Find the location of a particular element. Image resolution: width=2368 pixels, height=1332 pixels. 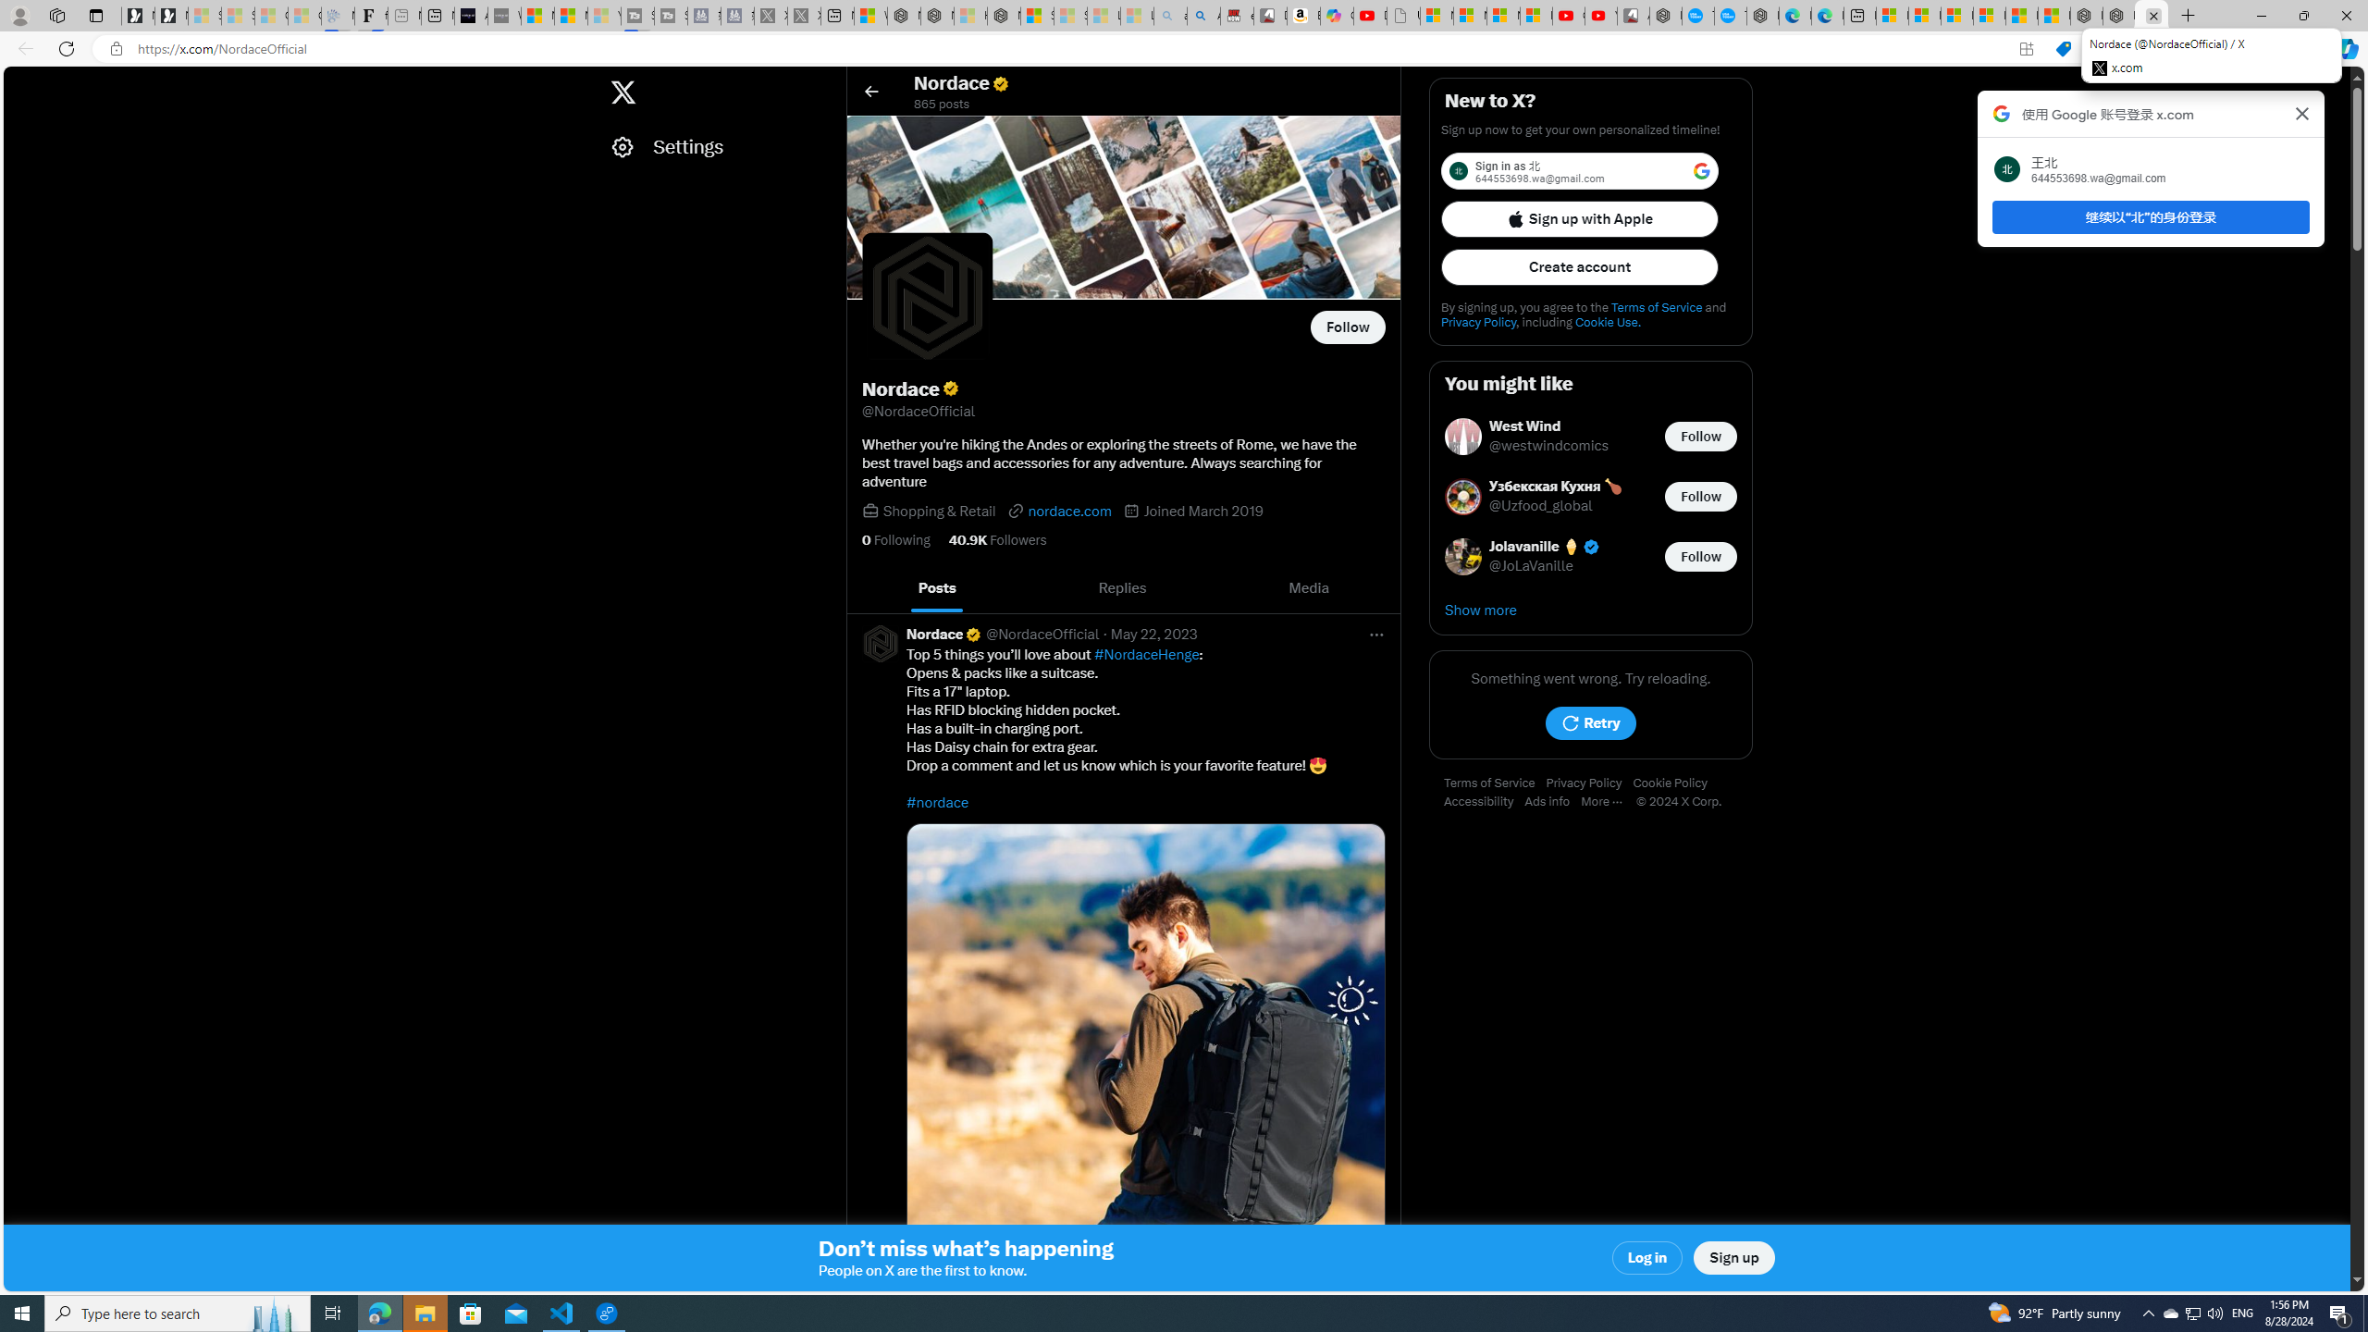

'View site information' is located at coordinates (116, 49).